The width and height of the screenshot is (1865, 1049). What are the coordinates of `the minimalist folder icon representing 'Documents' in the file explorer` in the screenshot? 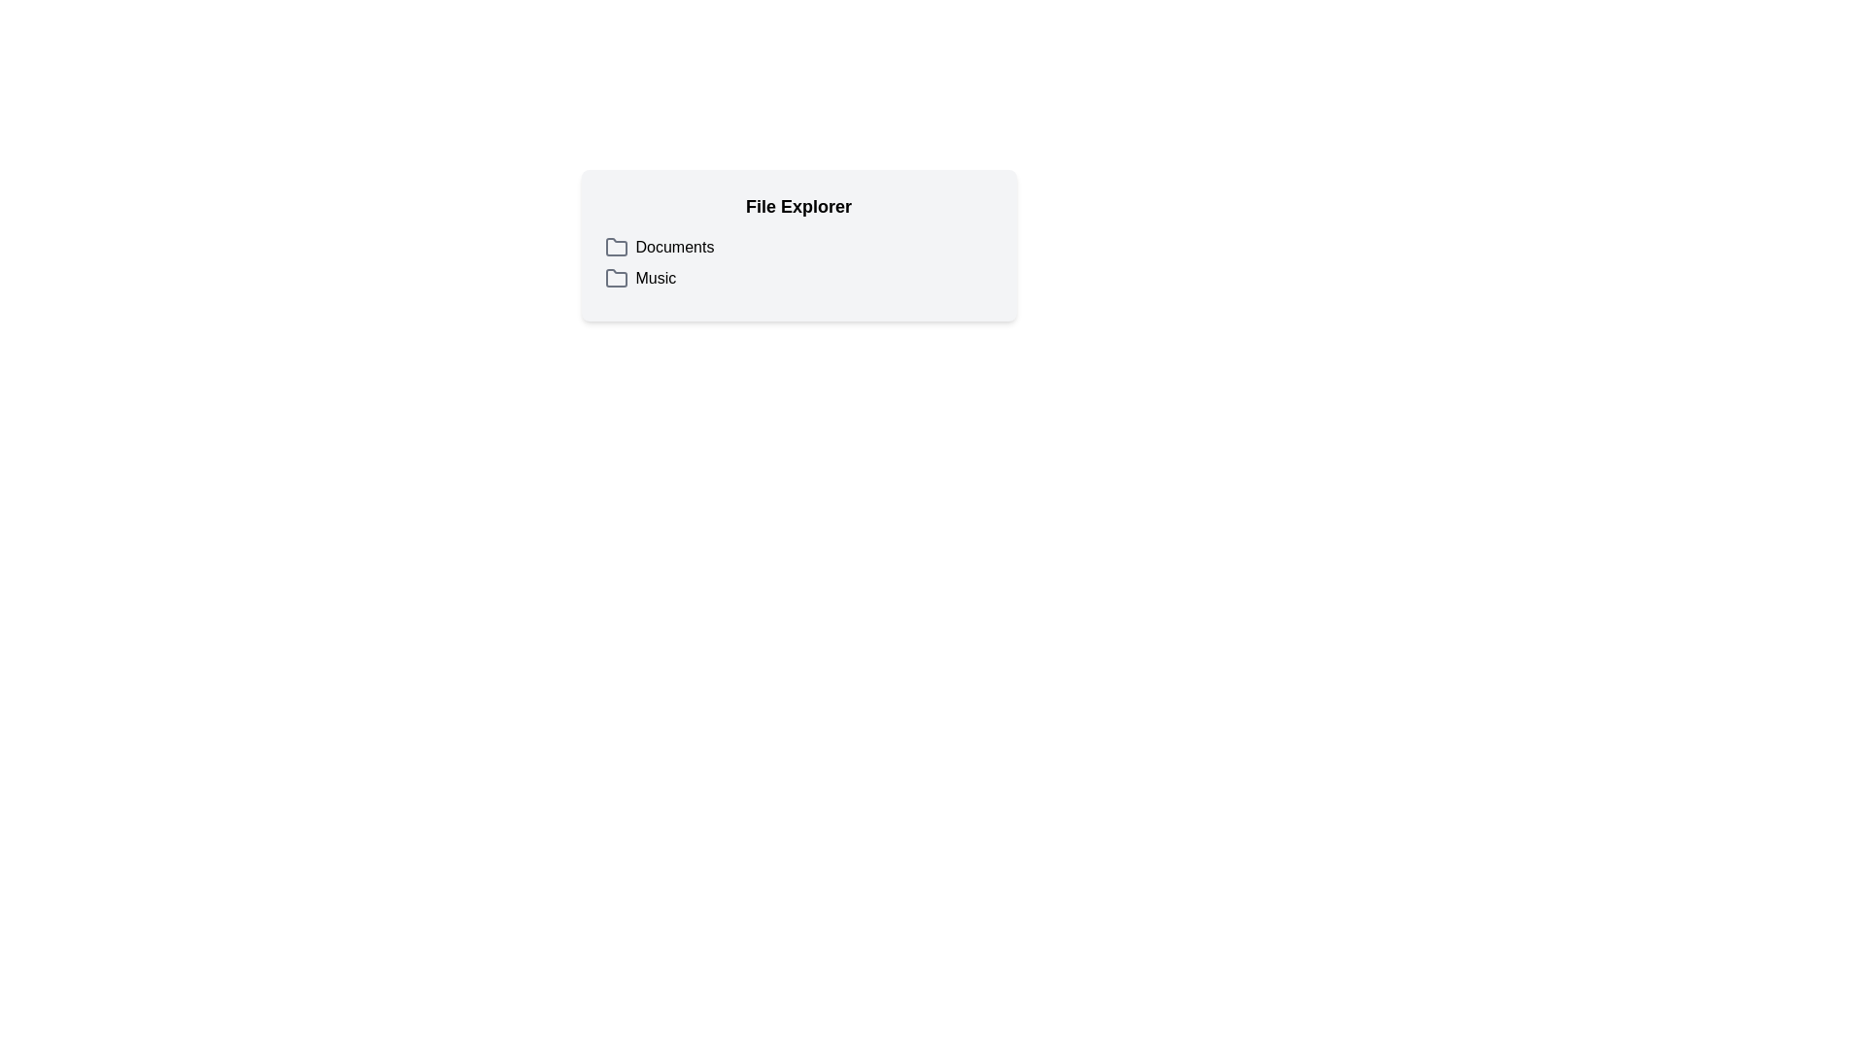 It's located at (615, 246).